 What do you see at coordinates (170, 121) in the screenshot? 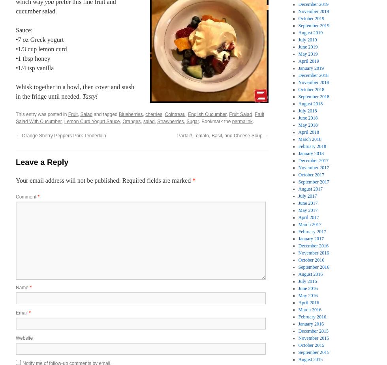
I see `'Strawberries'` at bounding box center [170, 121].